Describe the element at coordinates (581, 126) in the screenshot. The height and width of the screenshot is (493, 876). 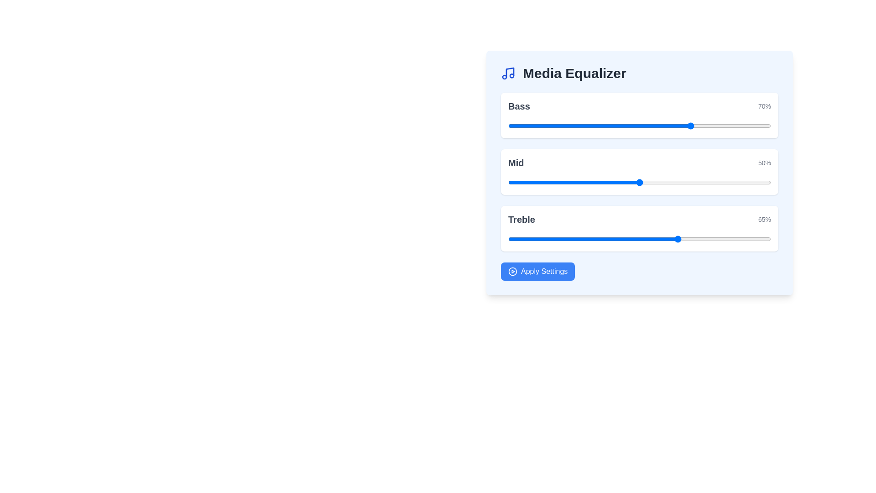
I see `the bass level` at that location.